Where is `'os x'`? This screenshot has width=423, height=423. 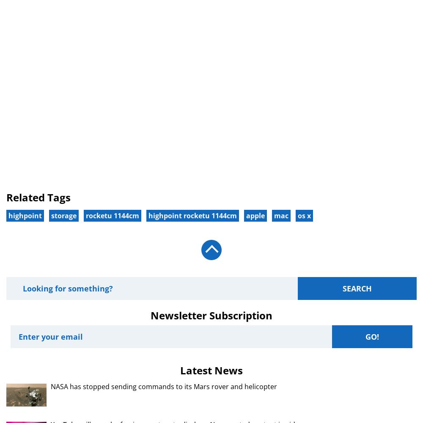 'os x' is located at coordinates (297, 215).